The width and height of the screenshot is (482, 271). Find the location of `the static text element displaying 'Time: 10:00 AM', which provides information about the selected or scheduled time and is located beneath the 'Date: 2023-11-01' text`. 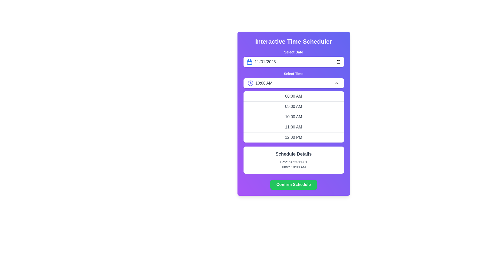

the static text element displaying 'Time: 10:00 AM', which provides information about the selected or scheduled time and is located beneath the 'Date: 2023-11-01' text is located at coordinates (293, 167).